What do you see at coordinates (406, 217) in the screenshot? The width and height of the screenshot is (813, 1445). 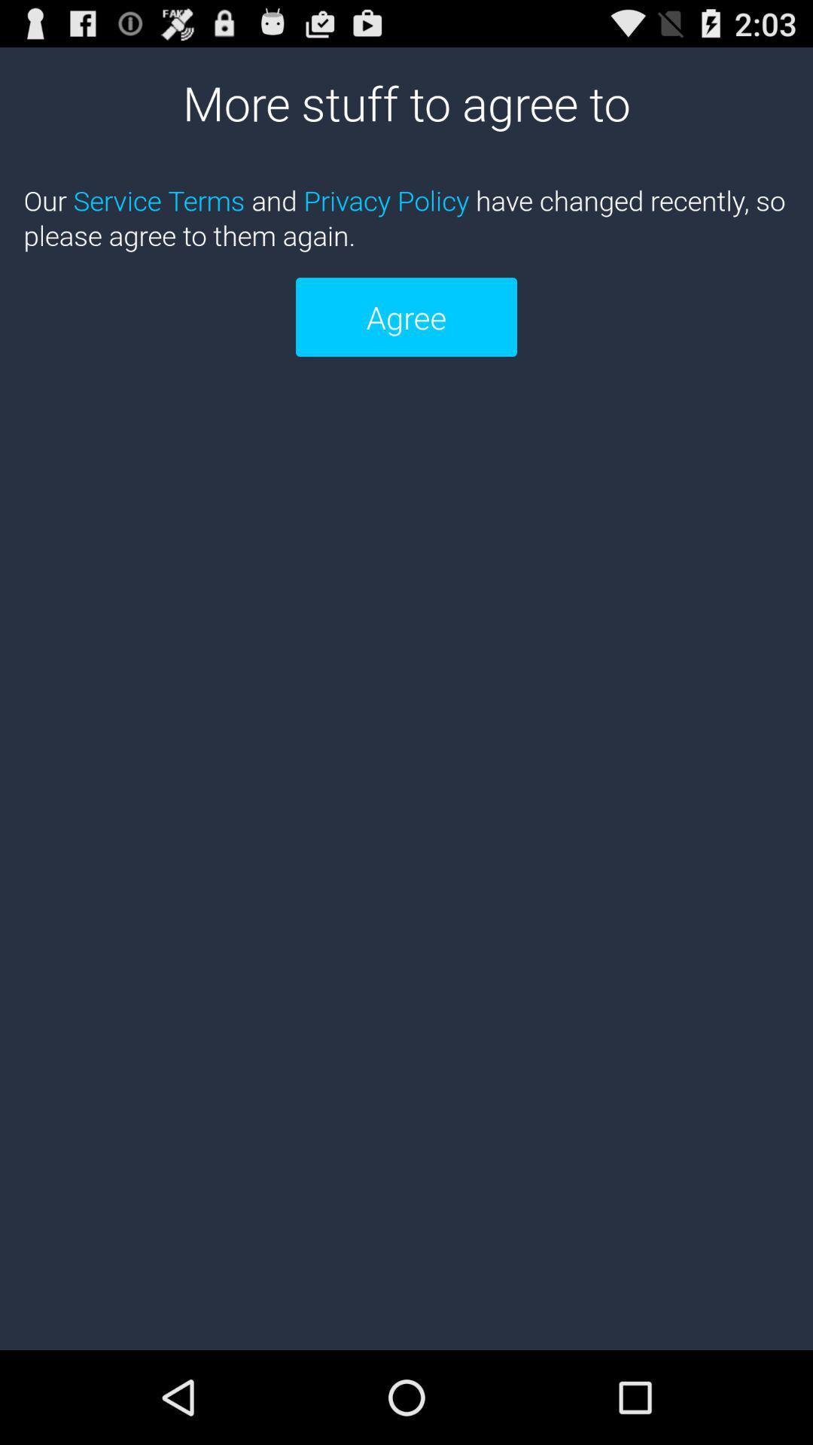 I see `item above agree` at bounding box center [406, 217].